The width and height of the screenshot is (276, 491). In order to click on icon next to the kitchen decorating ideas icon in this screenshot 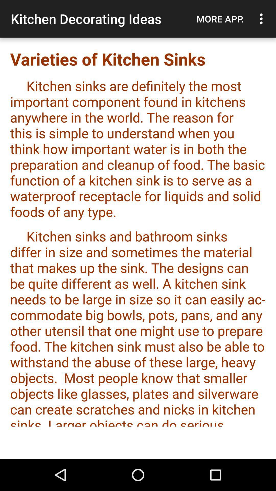, I will do `click(220, 19)`.